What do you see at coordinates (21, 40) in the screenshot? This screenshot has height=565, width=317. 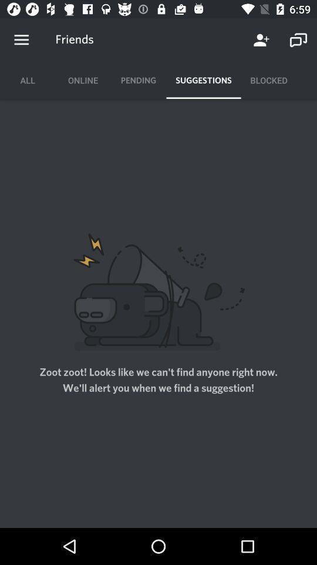 I see `the icon next to friends icon` at bounding box center [21, 40].